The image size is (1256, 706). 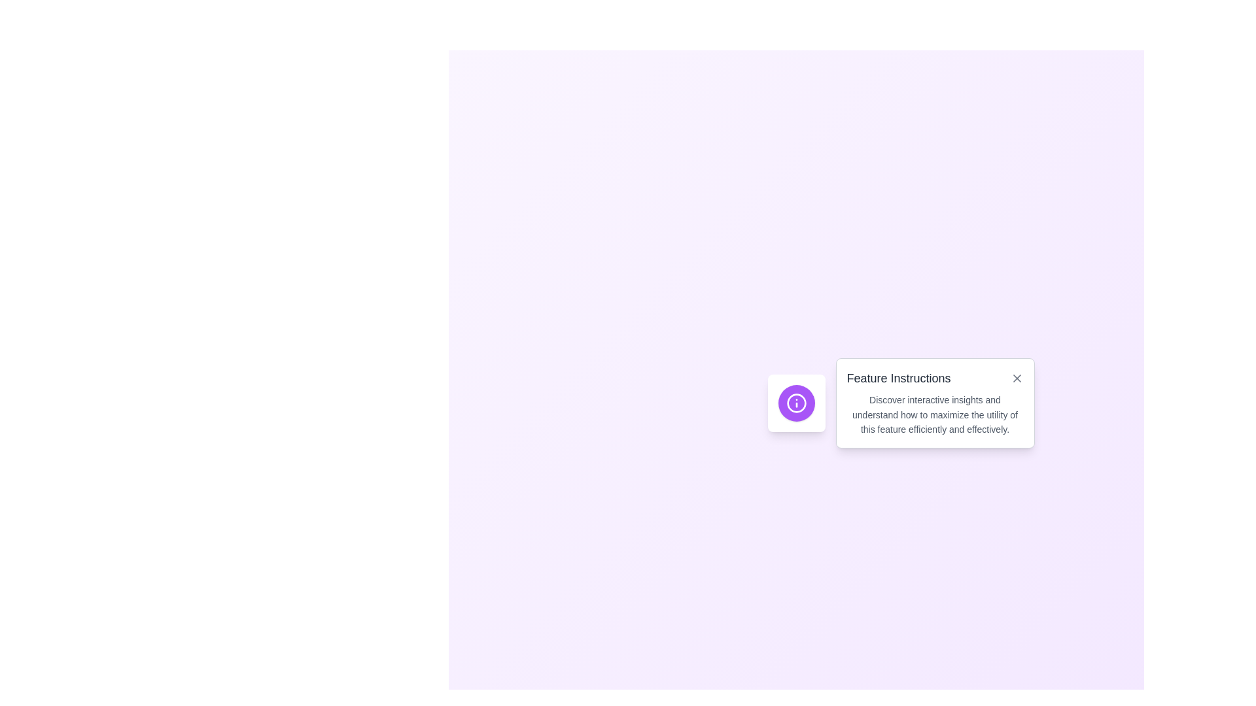 What do you see at coordinates (1016, 378) in the screenshot?
I see `the close icon located at the top-right corner of the 'Feature Instructions' dialog` at bounding box center [1016, 378].